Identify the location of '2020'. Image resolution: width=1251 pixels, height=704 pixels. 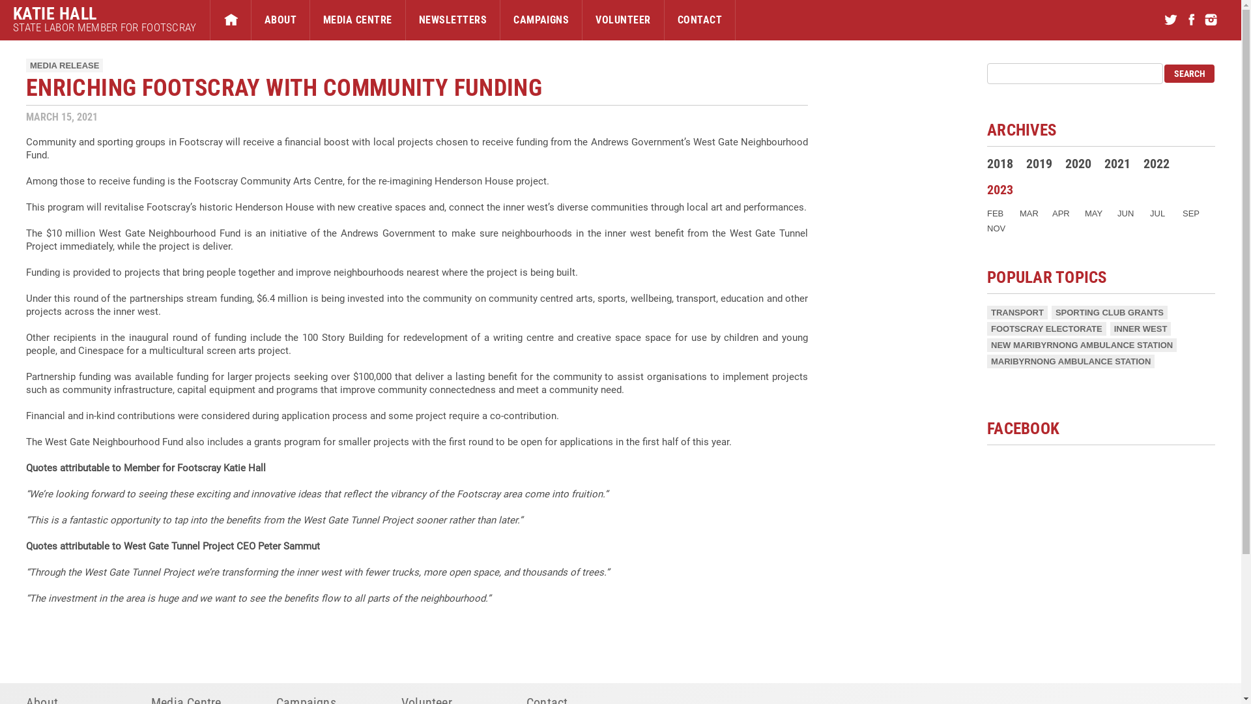
(1065, 162).